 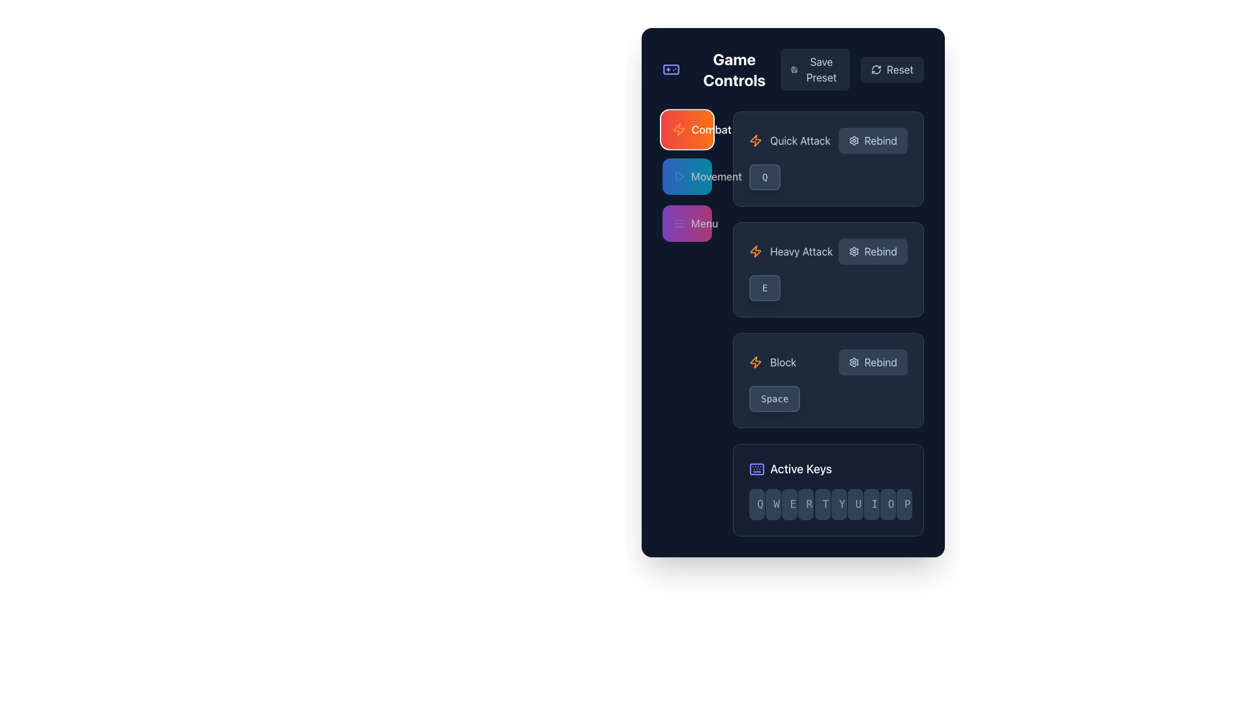 I want to click on the 'Reset' button, which is a rectangular button with rounded corners, dark slate-gray background, and a light gray refresh icon, to observe its hover state effects, so click(x=891, y=70).